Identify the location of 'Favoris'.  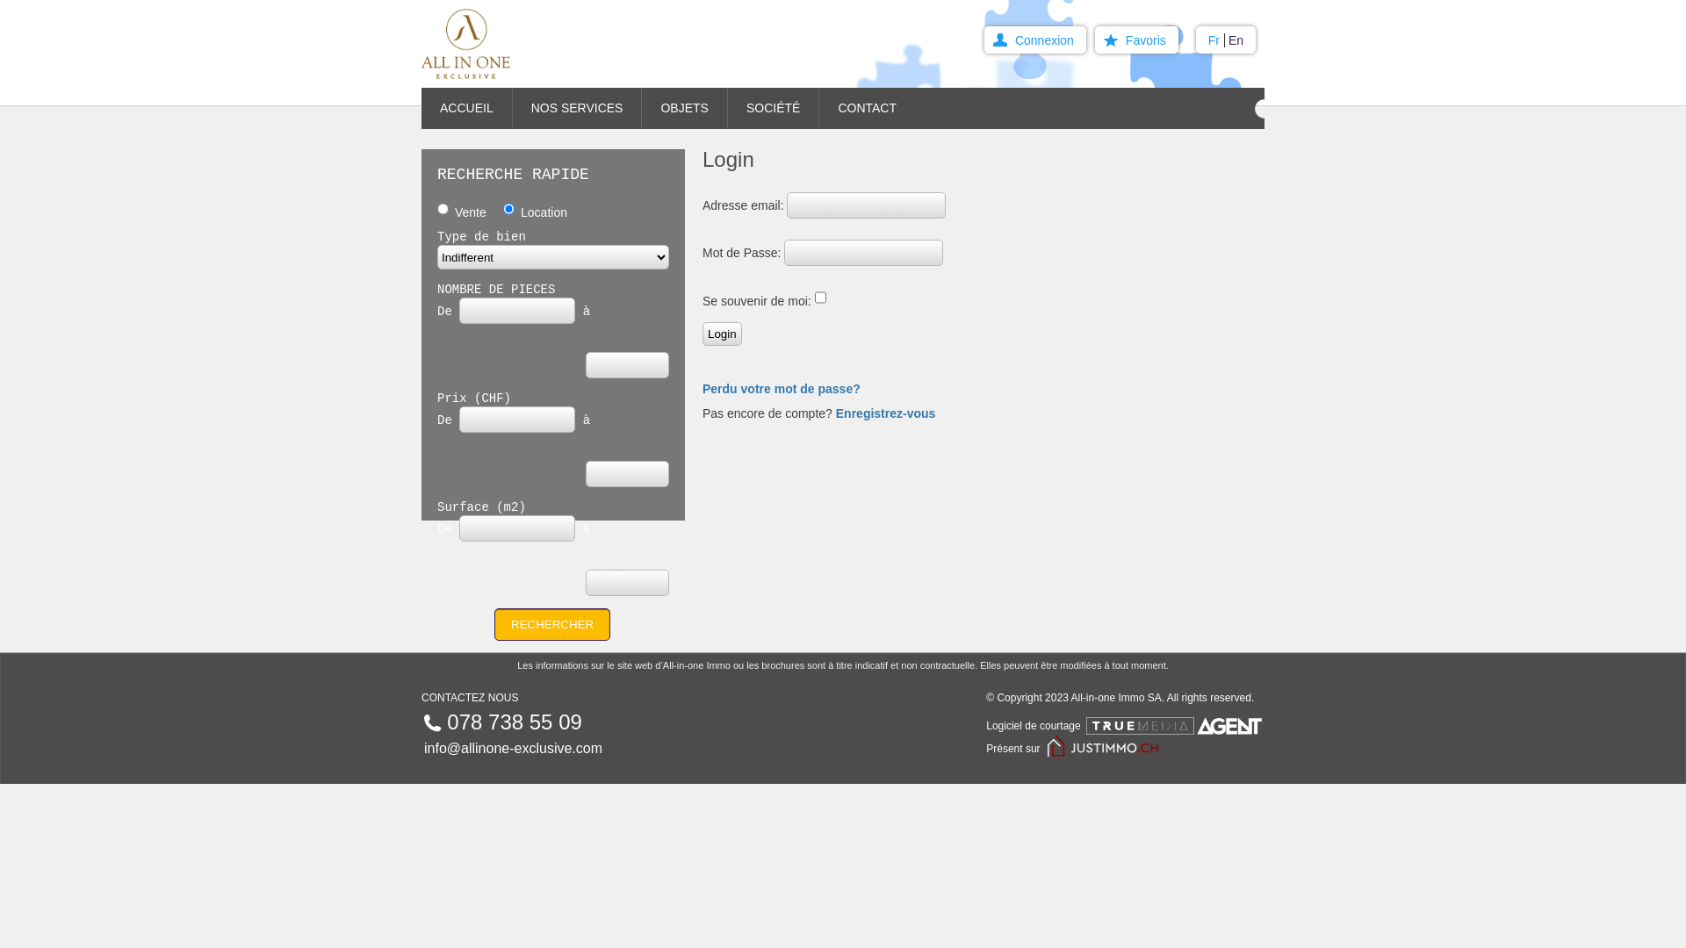
(1136, 39).